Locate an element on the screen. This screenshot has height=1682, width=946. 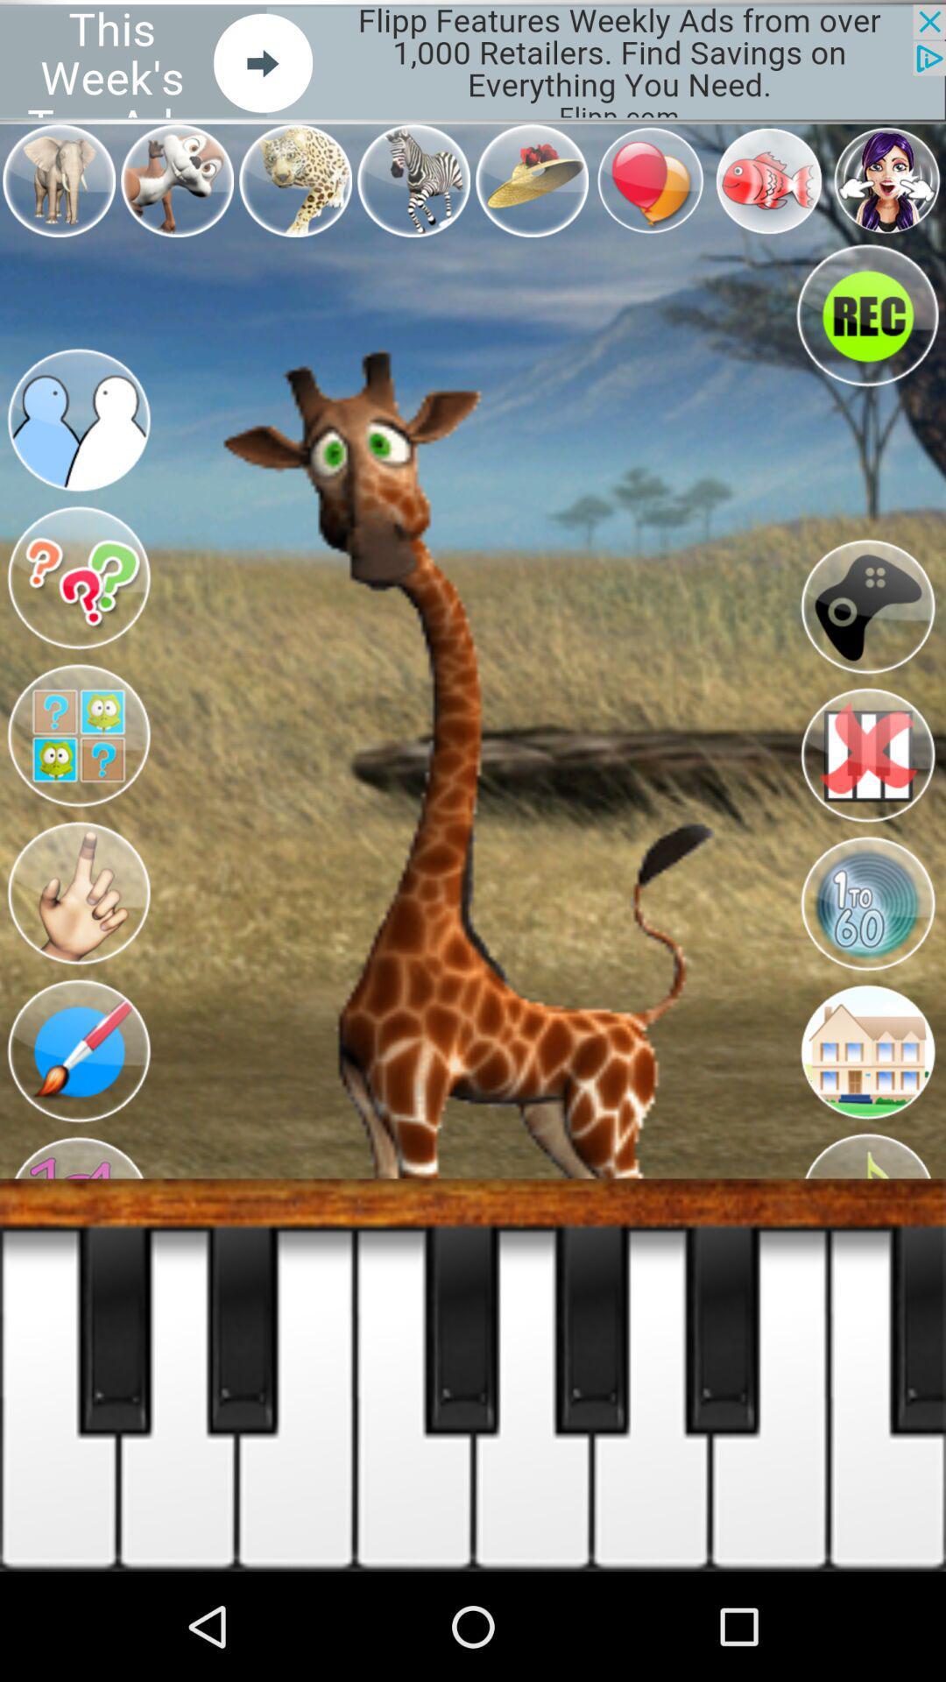
the help icon is located at coordinates (77, 618).